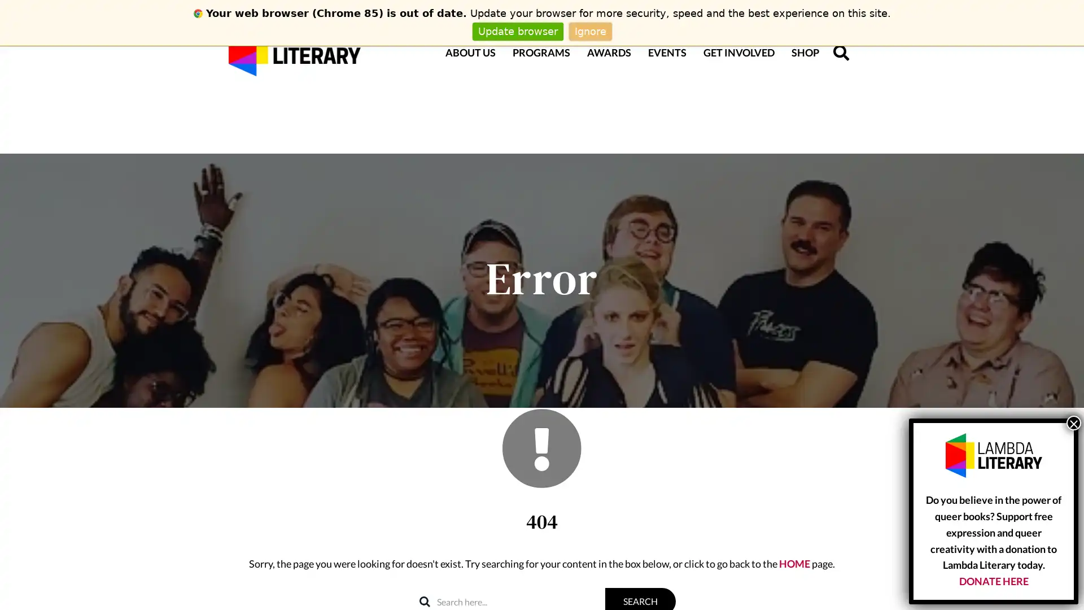  What do you see at coordinates (589, 30) in the screenshot?
I see `Ignore` at bounding box center [589, 30].